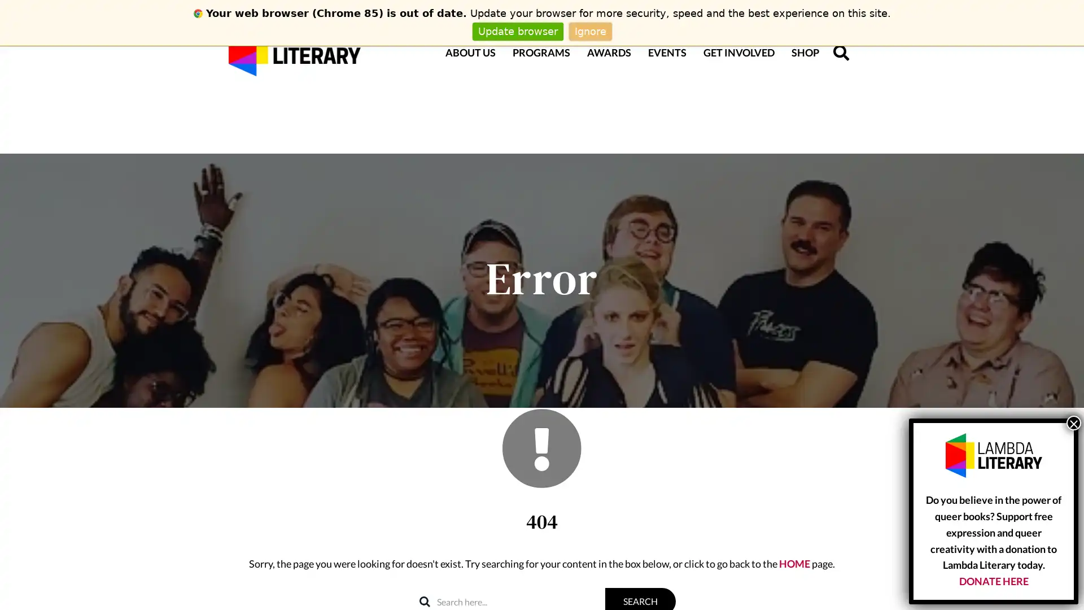  What do you see at coordinates (589, 30) in the screenshot?
I see `Ignore` at bounding box center [589, 30].